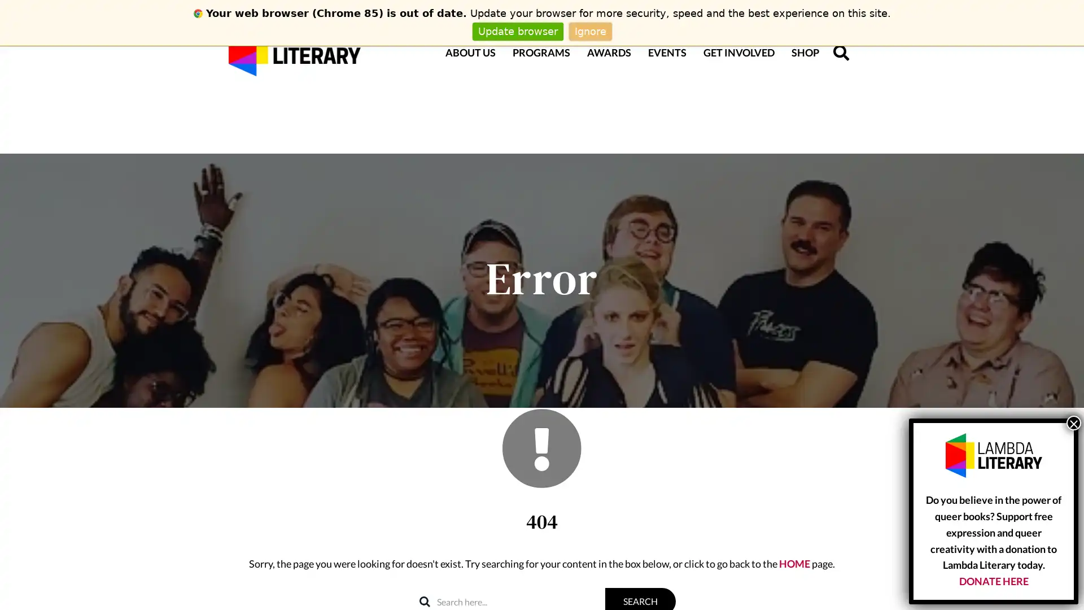  What do you see at coordinates (589, 30) in the screenshot?
I see `Ignore` at bounding box center [589, 30].